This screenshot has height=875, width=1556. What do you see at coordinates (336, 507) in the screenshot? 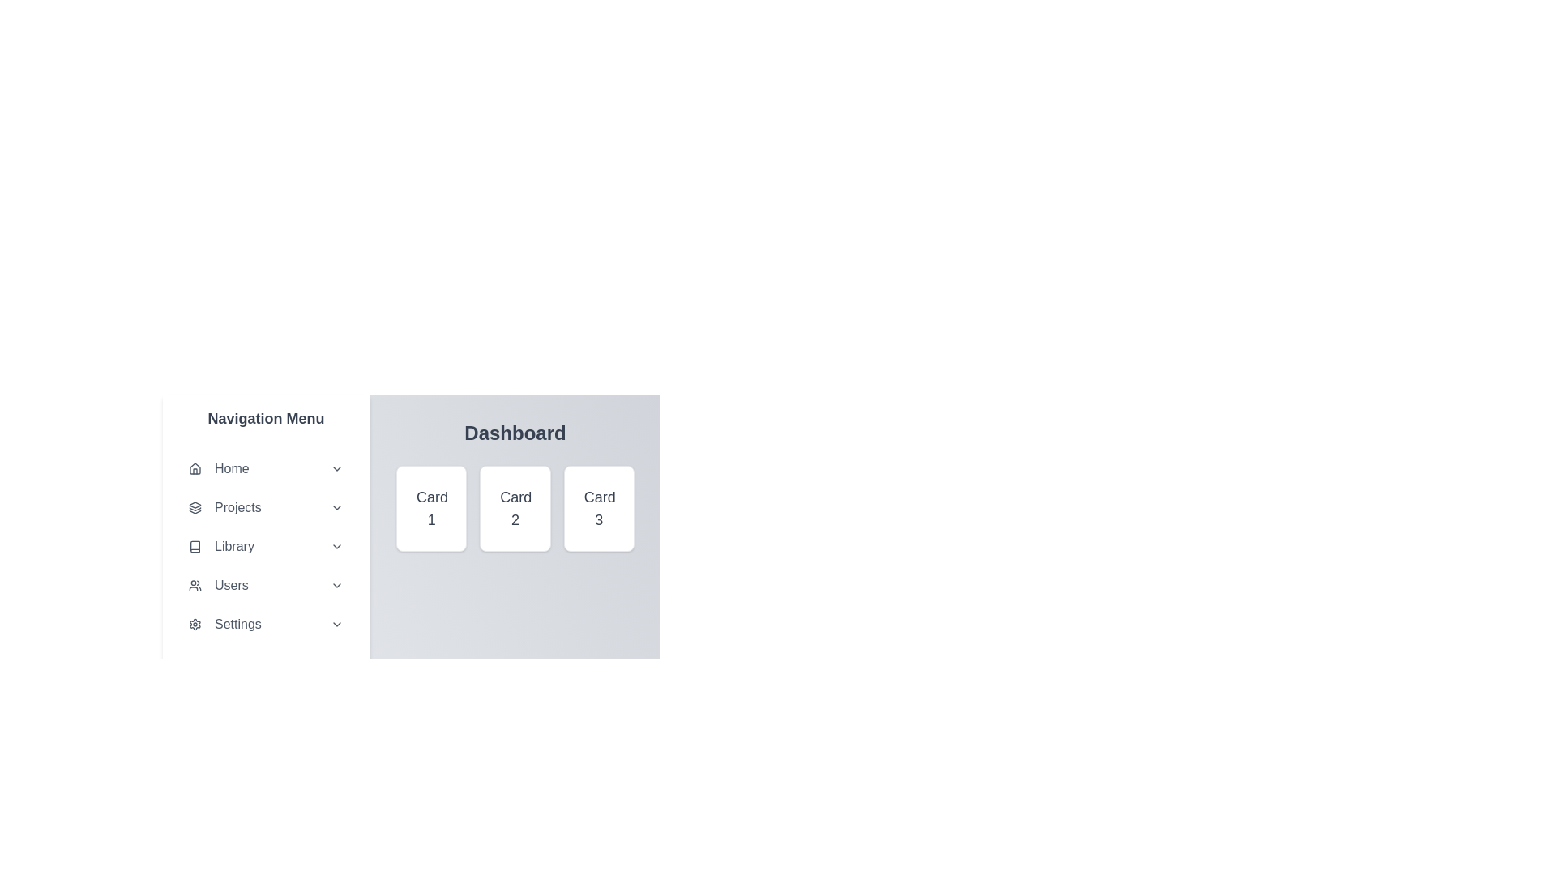
I see `the downward-facing chevron icon located at the right end of the 'Projects' navigation menu entry` at bounding box center [336, 507].